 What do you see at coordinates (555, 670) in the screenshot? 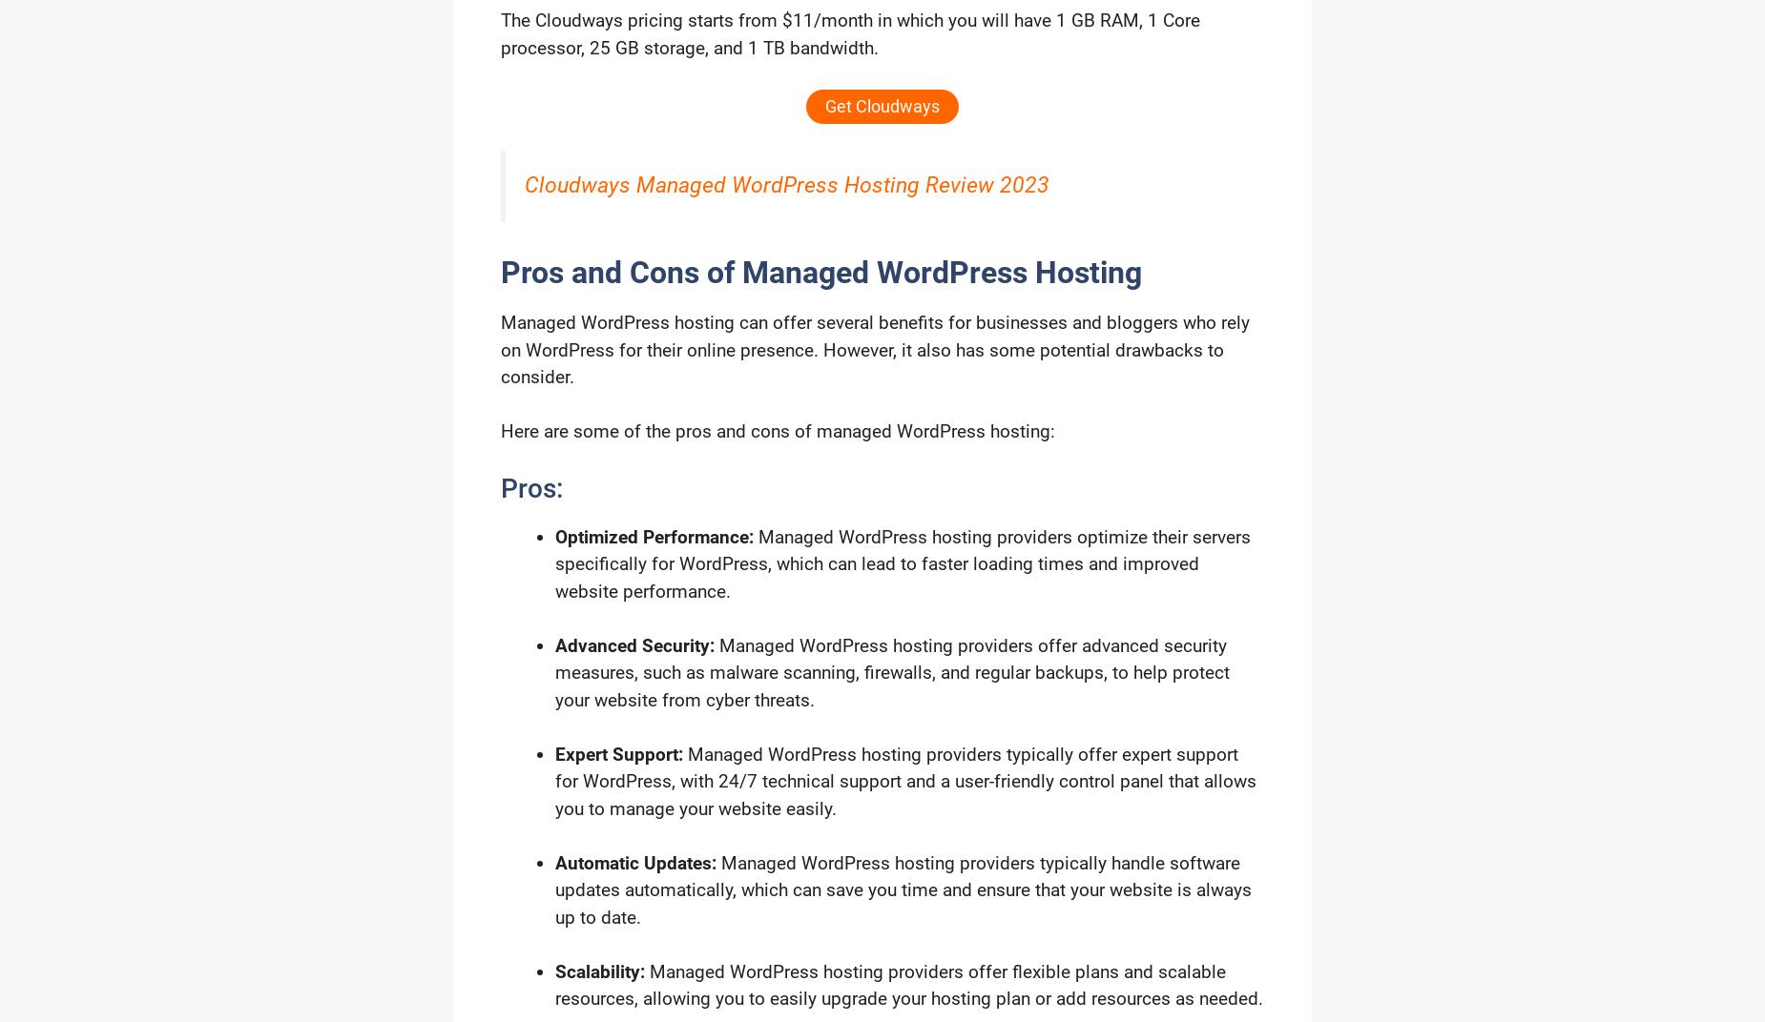
I see `'Managed WordPress hosting providers offer advanced security measures, such as malware scanning, firewalls, and regular backups, to help protect your website from cyber threats.'` at bounding box center [555, 670].